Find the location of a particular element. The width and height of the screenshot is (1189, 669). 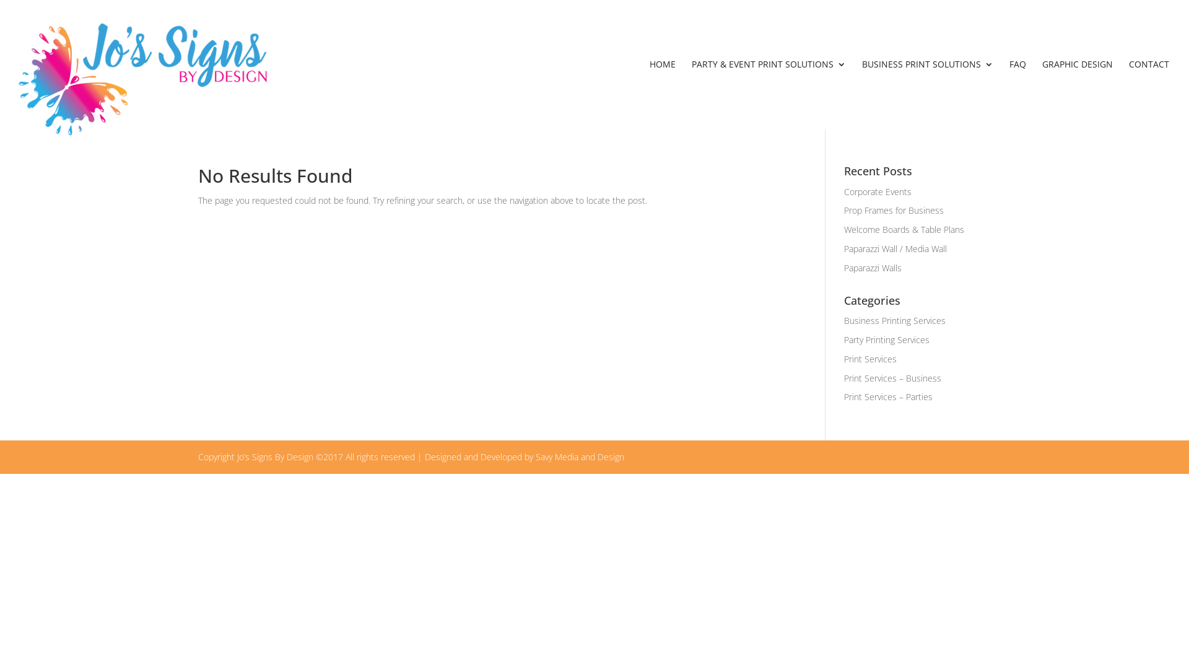

'Corporate Events' is located at coordinates (877, 191).